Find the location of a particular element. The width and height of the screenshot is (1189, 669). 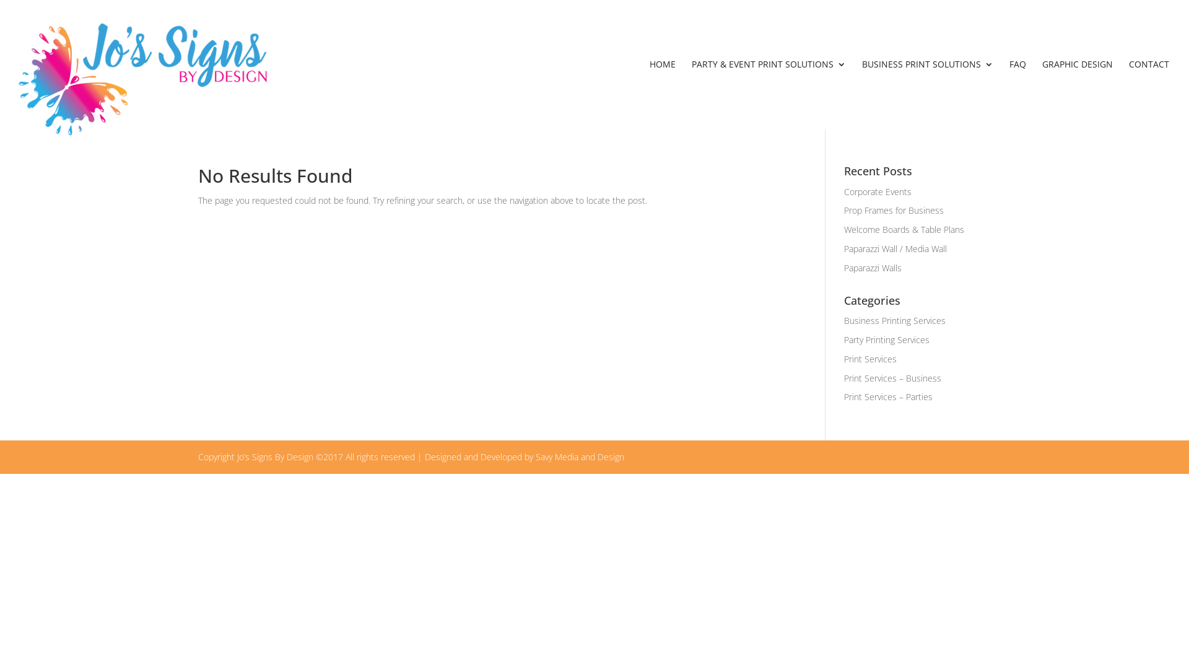

'Corporate Events' is located at coordinates (877, 191).